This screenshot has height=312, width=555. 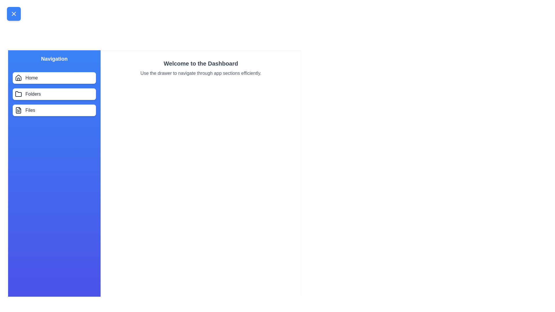 I want to click on the navigation item Files in the drawer, so click(x=54, y=110).